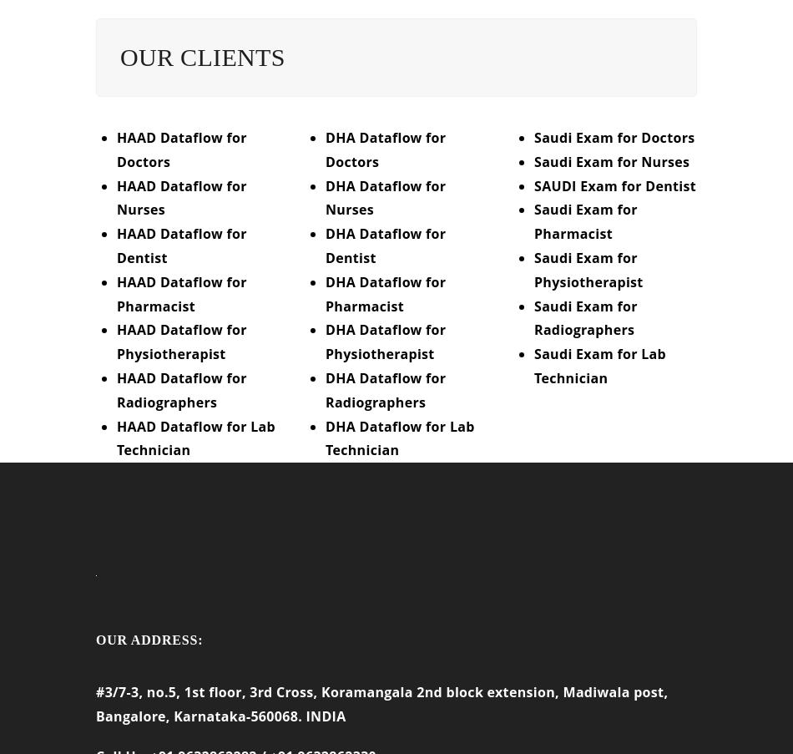  Describe the element at coordinates (588, 281) in the screenshot. I see `'Saudi Exam for Physiotherapist'` at that location.